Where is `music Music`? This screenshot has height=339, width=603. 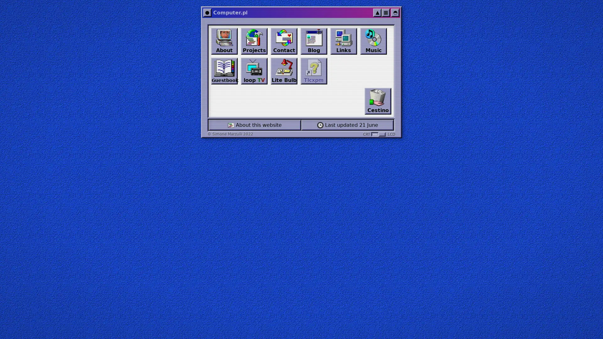 music Music is located at coordinates (373, 41).